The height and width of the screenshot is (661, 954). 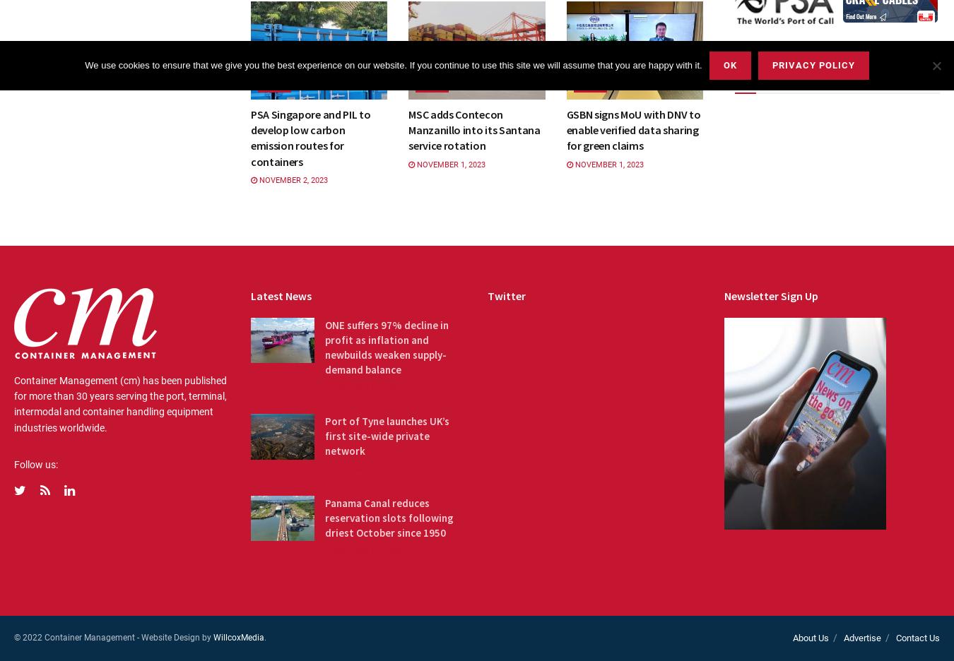 What do you see at coordinates (386, 436) in the screenshot?
I see `'Port of Tyne launches UK’s first site-wide private network'` at bounding box center [386, 436].